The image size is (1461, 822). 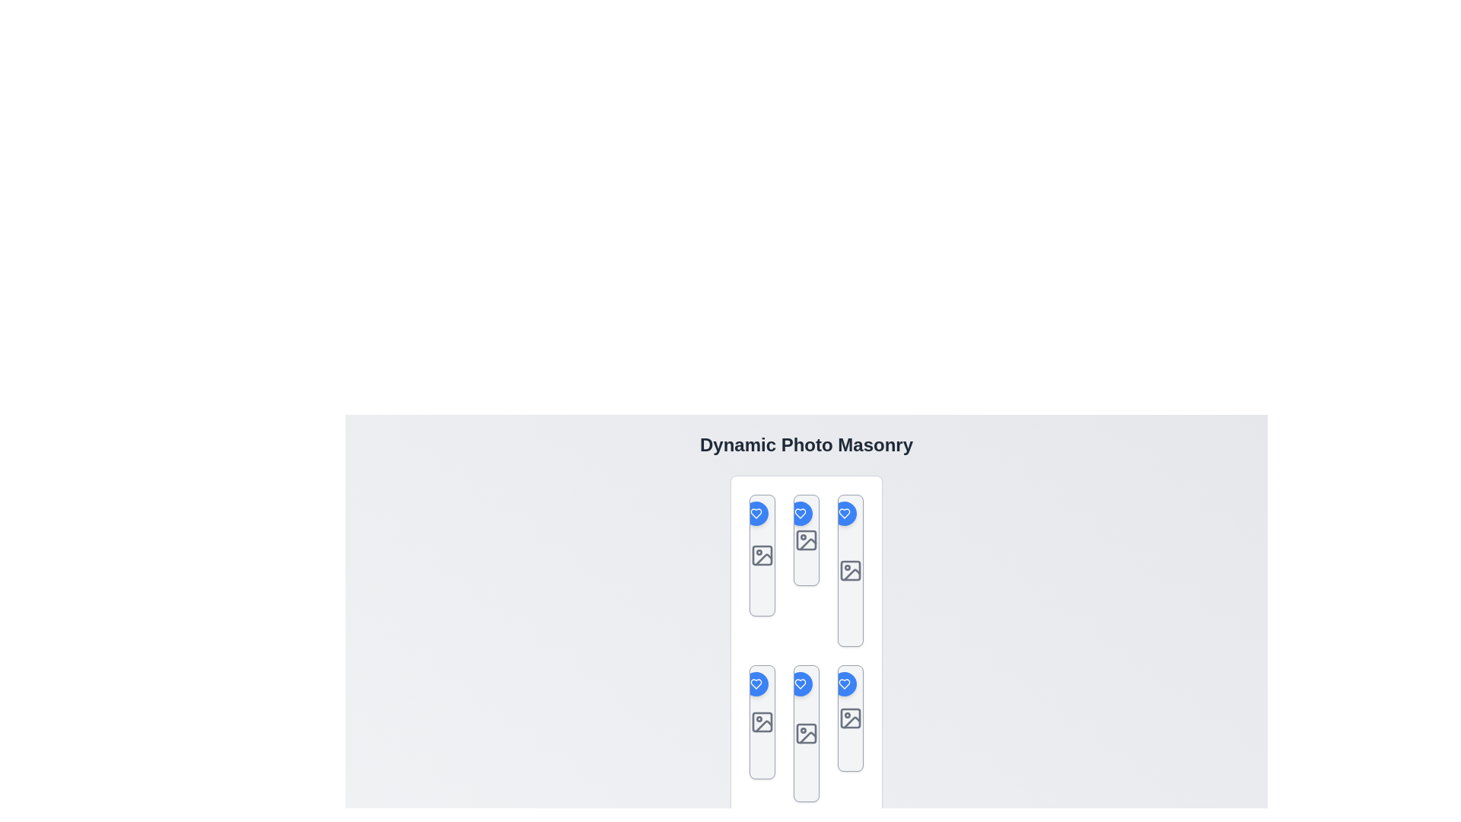 What do you see at coordinates (756, 514) in the screenshot?
I see `the heart-shaped icon within the circular button located at the top-right corner of the card to like or favorite the item` at bounding box center [756, 514].